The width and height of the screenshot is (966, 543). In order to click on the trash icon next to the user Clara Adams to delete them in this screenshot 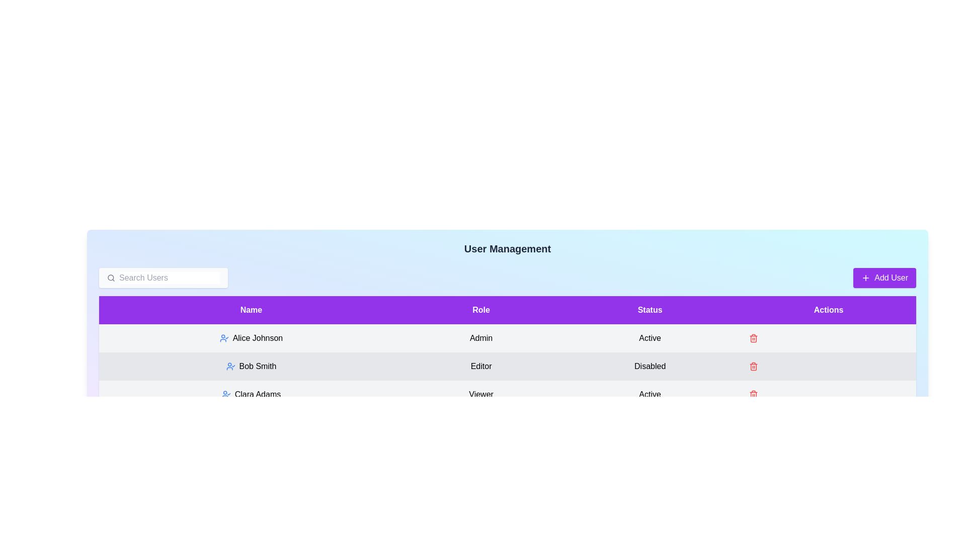, I will do `click(753, 394)`.